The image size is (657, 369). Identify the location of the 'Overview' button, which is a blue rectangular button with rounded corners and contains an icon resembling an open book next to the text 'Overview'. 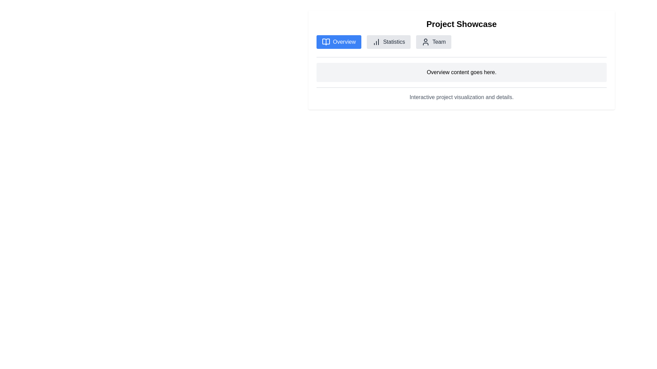
(339, 42).